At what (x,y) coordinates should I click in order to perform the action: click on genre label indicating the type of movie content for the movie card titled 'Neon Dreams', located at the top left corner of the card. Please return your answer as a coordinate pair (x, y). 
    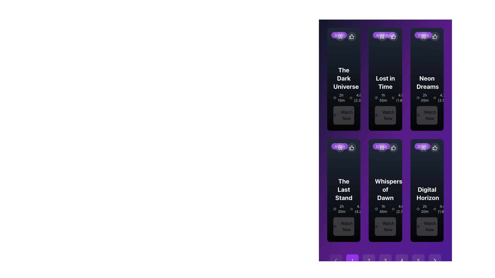
    Looking at the image, I should click on (423, 35).